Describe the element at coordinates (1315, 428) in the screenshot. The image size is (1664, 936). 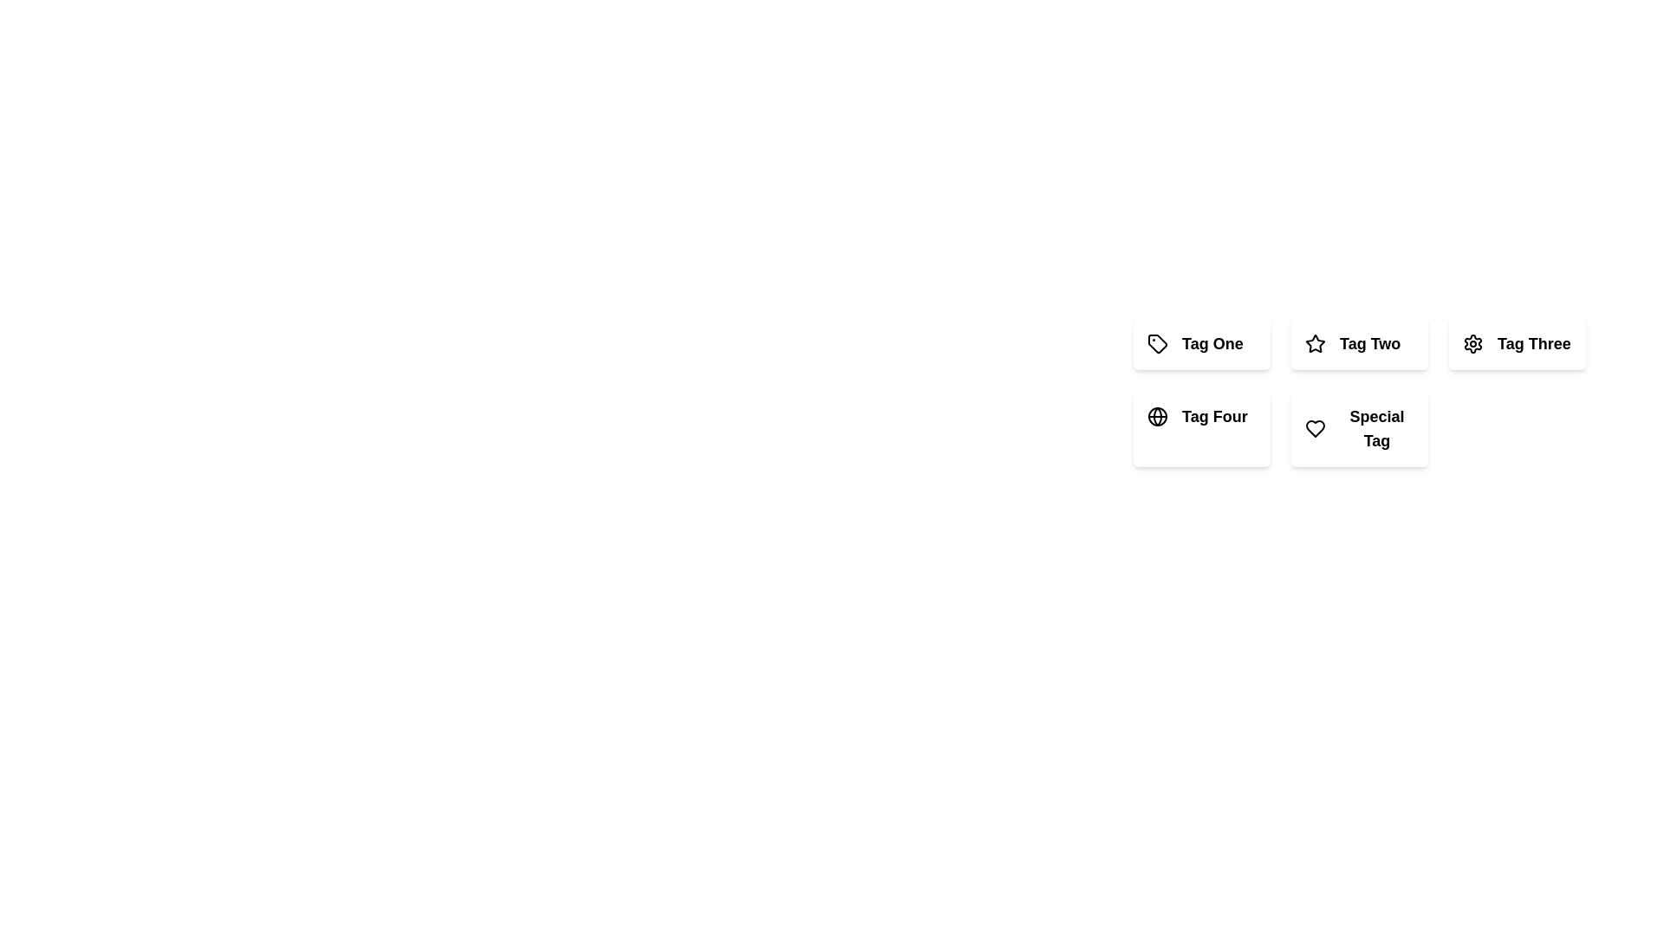
I see `the 'like' or 'favorite' icon located in the 'Special Tag' area of the grid, specifically in the second row and second column` at that location.